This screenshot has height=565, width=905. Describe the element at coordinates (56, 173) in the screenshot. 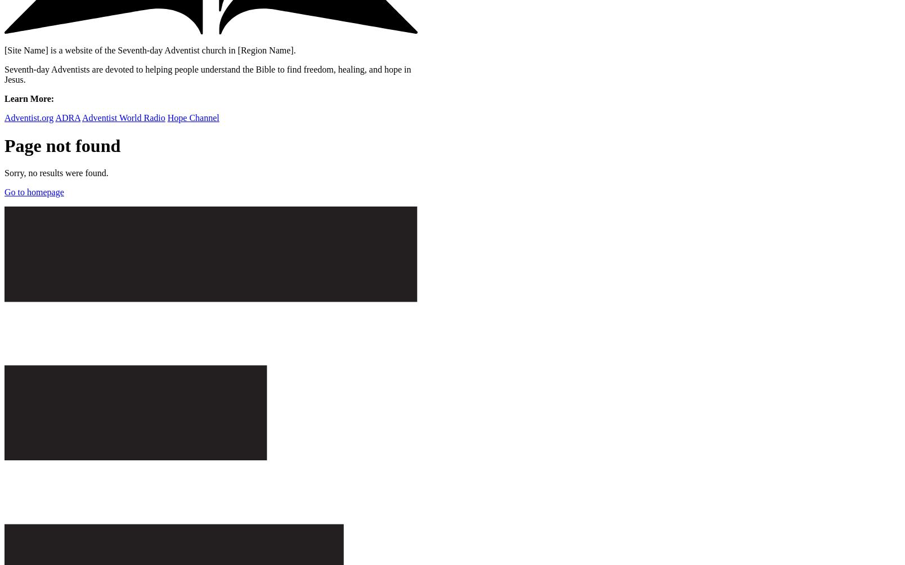

I see `'Sorry, no results were found.'` at that location.